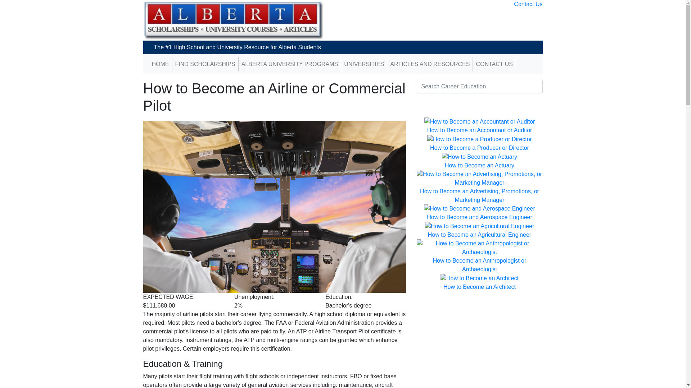 This screenshot has height=388, width=691. I want to click on 'UNIVERSITIES', so click(364, 64).